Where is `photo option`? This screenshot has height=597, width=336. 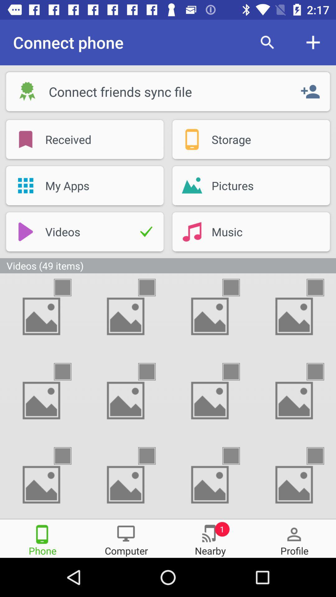 photo option is located at coordinates (152, 372).